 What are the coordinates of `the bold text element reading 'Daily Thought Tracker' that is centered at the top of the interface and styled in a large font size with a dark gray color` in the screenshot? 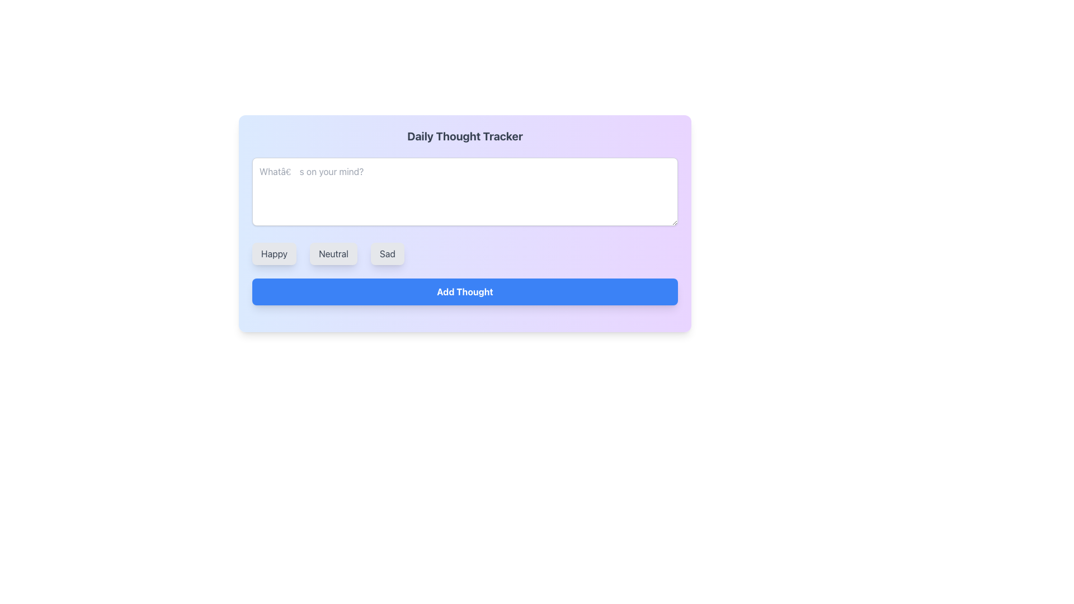 It's located at (465, 135).